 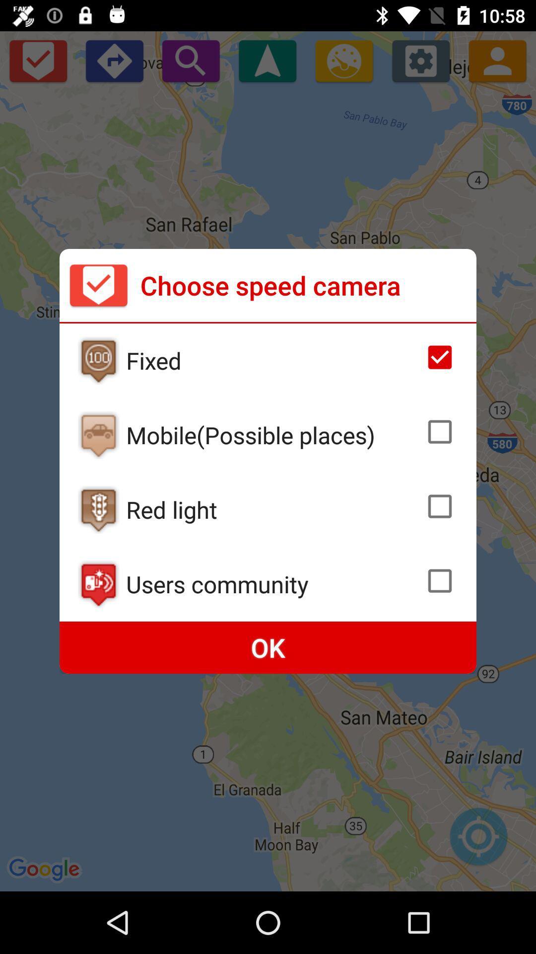 What do you see at coordinates (268, 647) in the screenshot?
I see `ok icon` at bounding box center [268, 647].